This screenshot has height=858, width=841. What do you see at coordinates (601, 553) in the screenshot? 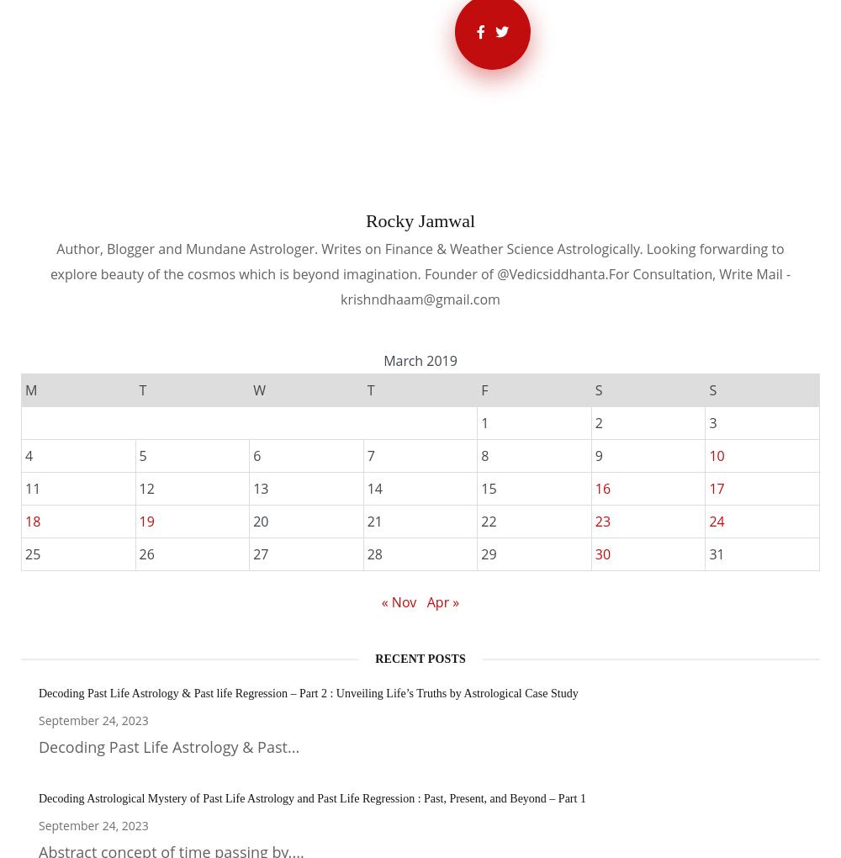
I see `'30'` at bounding box center [601, 553].